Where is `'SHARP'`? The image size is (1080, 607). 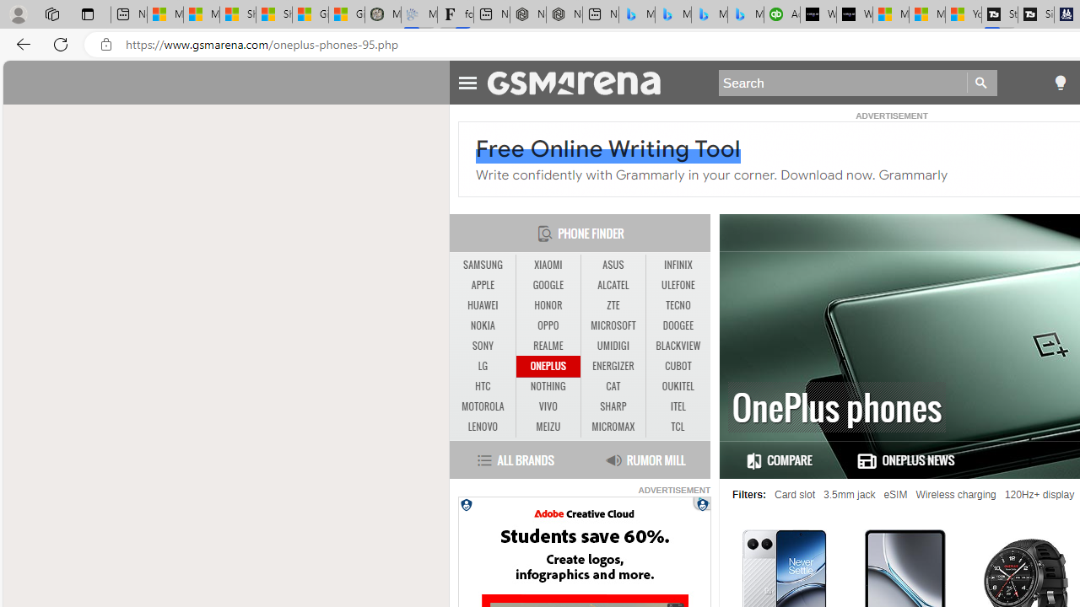
'SHARP' is located at coordinates (613, 407).